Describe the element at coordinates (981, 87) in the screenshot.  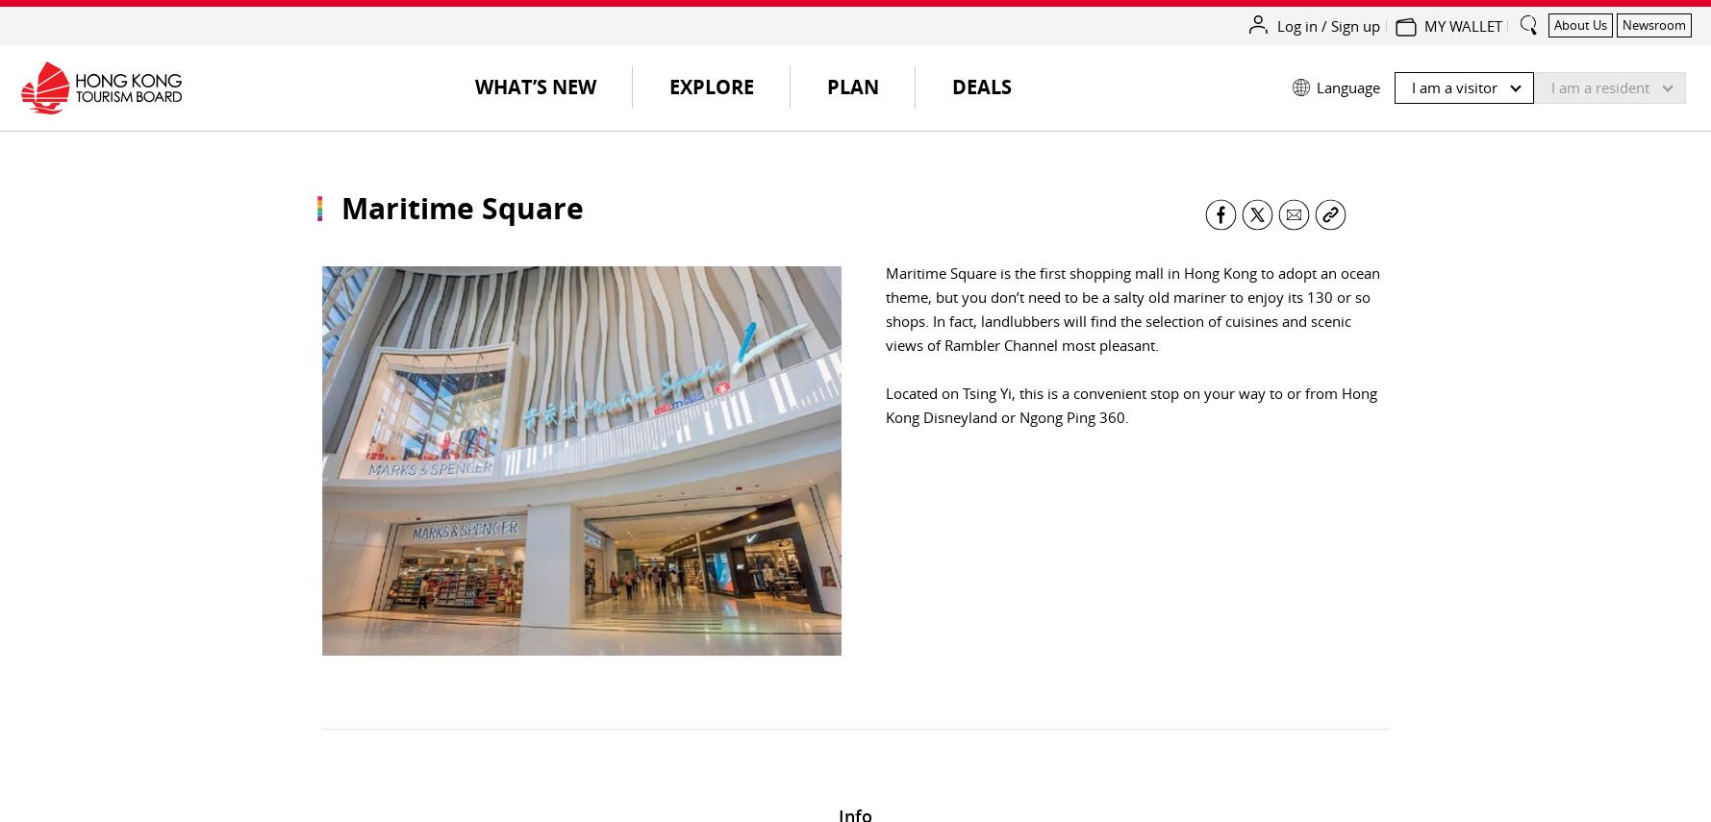
I see `'Deals'` at that location.